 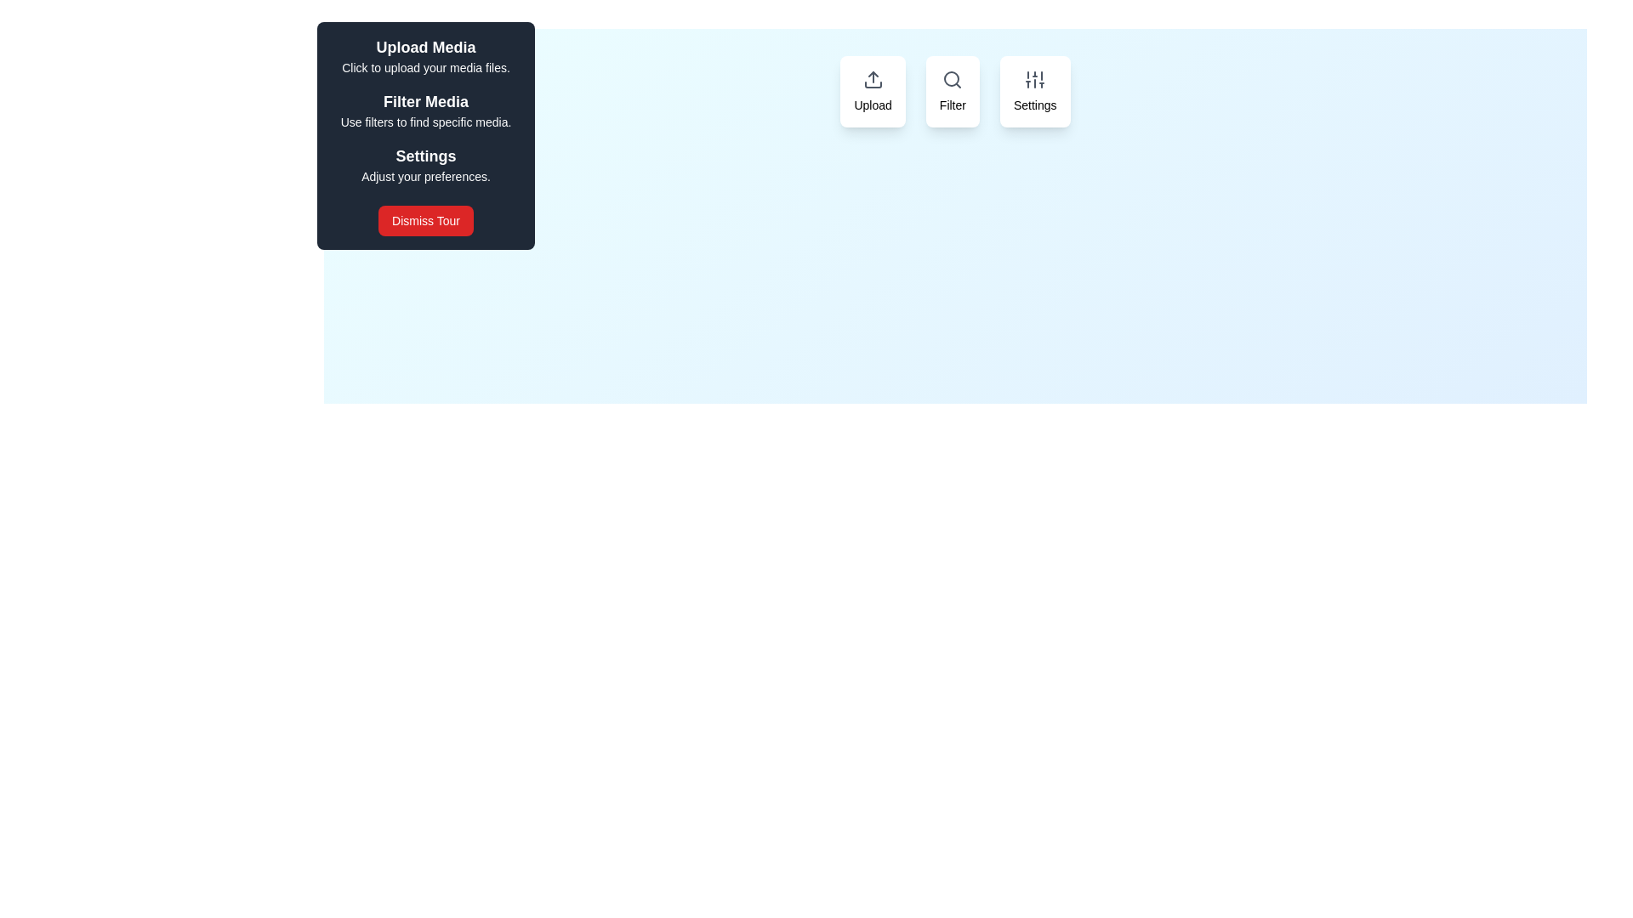 What do you see at coordinates (425, 164) in the screenshot?
I see `the Informative text section that introduces the 'Settings' section, which is centrally located in a dark gray panel on the left side of the display` at bounding box center [425, 164].